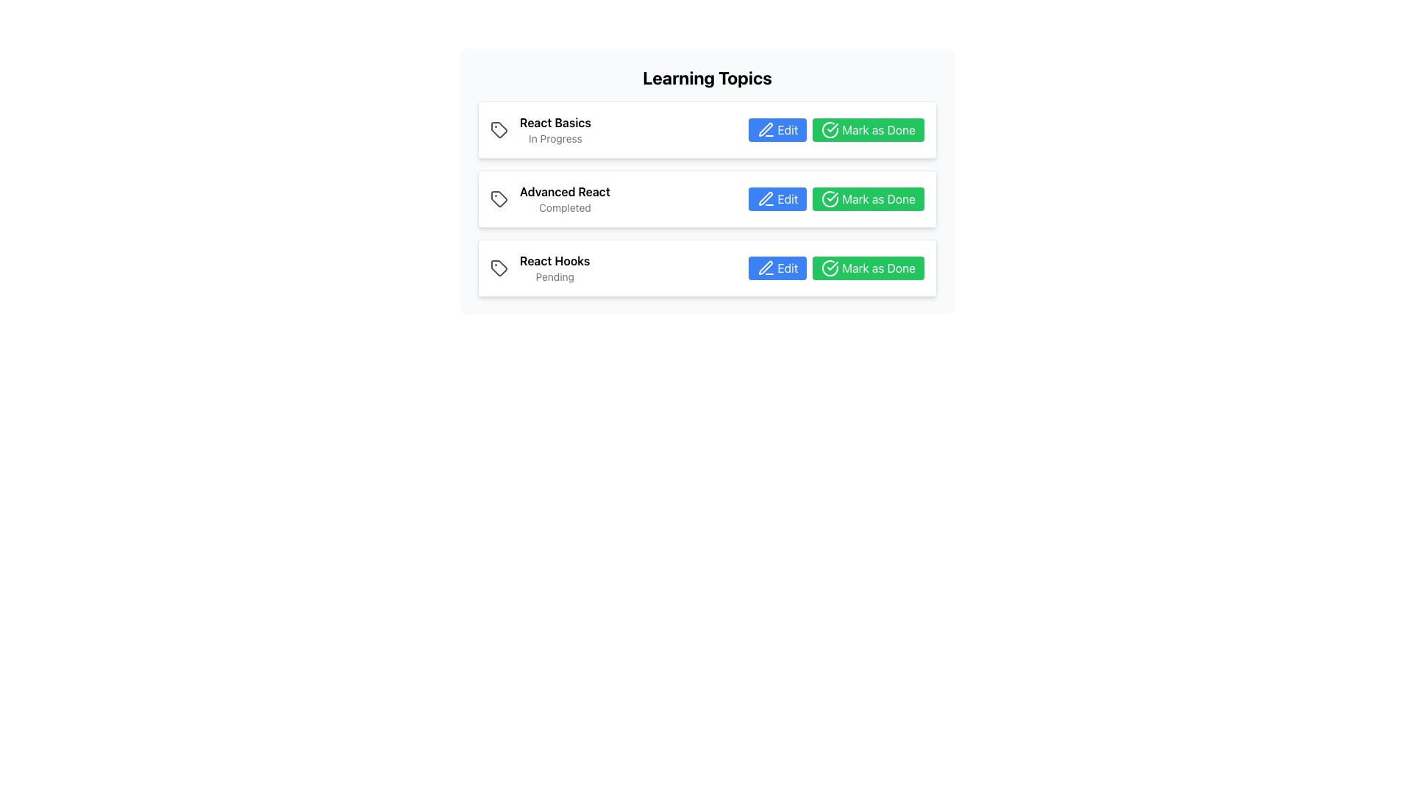 This screenshot has width=1412, height=794. What do you see at coordinates (554, 268) in the screenshot?
I see `the label that reads 'React Hooks' with a smaller text 'Pending' below it, located in the 'Learning Topics' section` at bounding box center [554, 268].